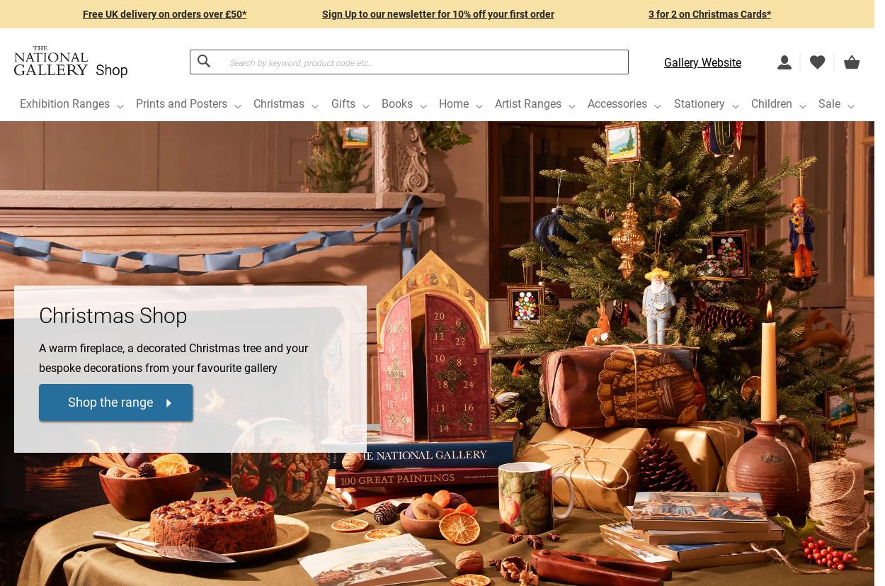 This screenshot has height=586, width=885. What do you see at coordinates (86, 269) in the screenshot?
I see `'Christmas Gifts'` at bounding box center [86, 269].